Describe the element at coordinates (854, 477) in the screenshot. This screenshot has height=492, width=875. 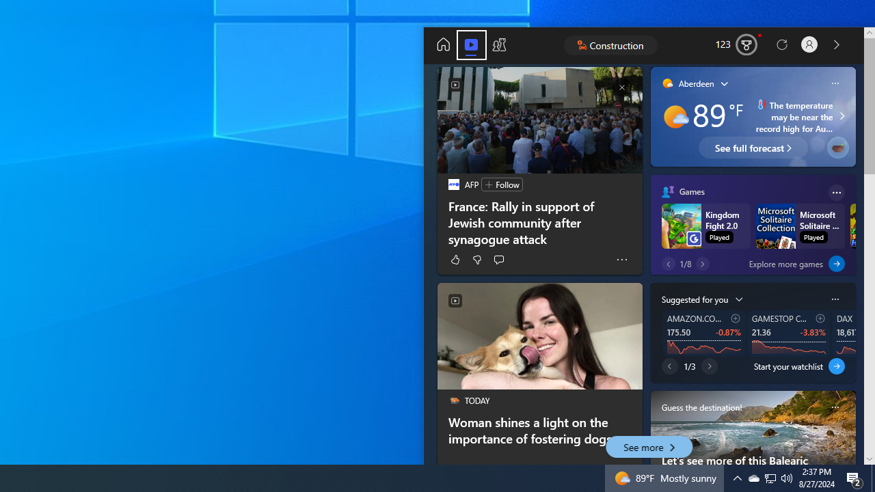
I see `'Show desktop'` at that location.